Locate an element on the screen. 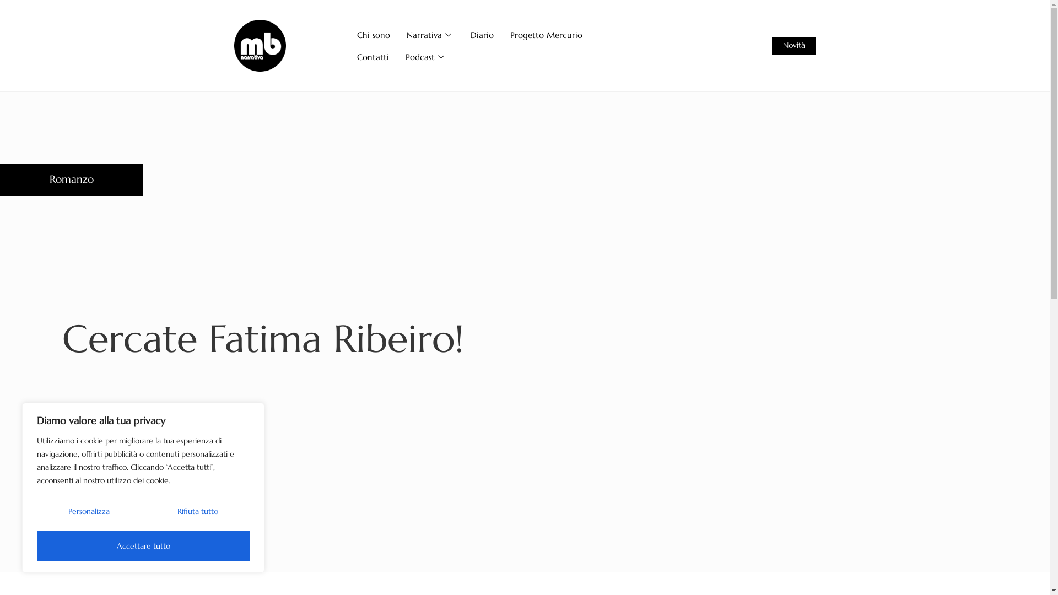  'Rifiuta tutto' is located at coordinates (197, 511).